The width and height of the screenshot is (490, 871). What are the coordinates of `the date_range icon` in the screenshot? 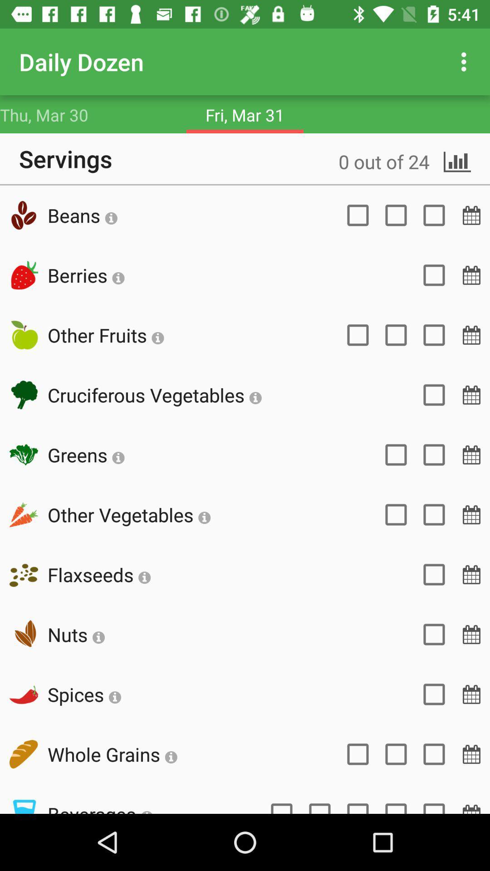 It's located at (471, 634).